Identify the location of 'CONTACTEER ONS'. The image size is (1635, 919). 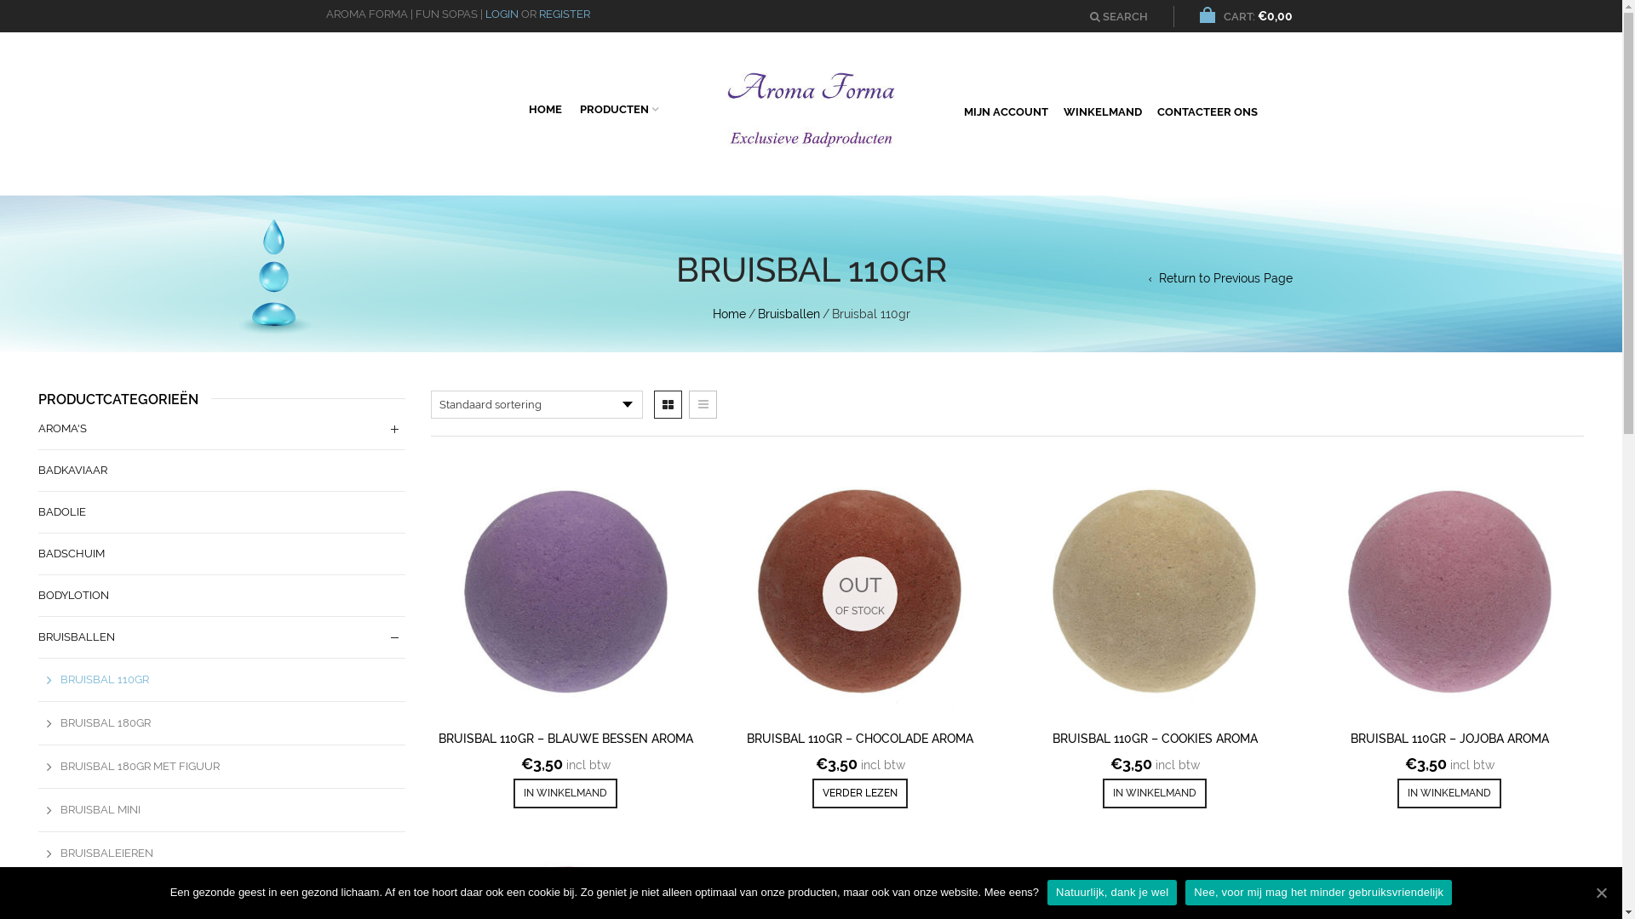
(1206, 109).